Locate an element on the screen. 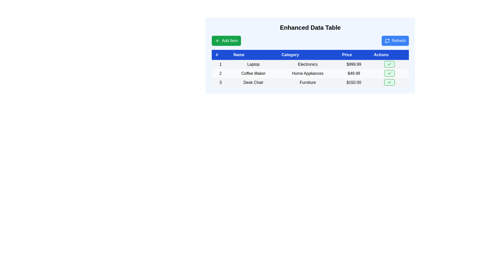 The image size is (484, 272). the table cell displaying the ordinal number '1', which is located is located at coordinates (220, 64).